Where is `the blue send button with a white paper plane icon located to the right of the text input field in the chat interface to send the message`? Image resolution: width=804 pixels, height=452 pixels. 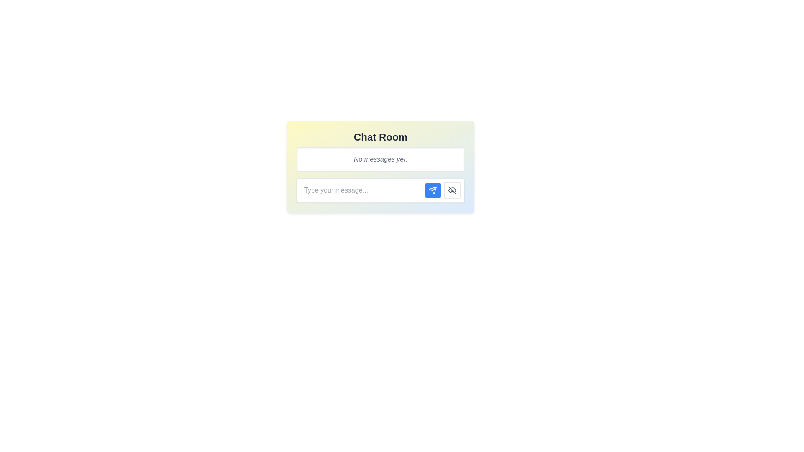
the blue send button with a white paper plane icon located to the right of the text input field in the chat interface to send the message is located at coordinates (433, 190).